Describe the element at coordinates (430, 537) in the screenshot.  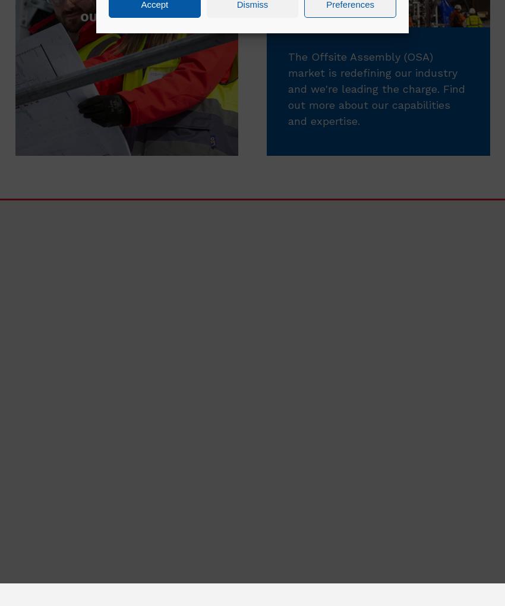
I see `'Why Mercury'` at that location.